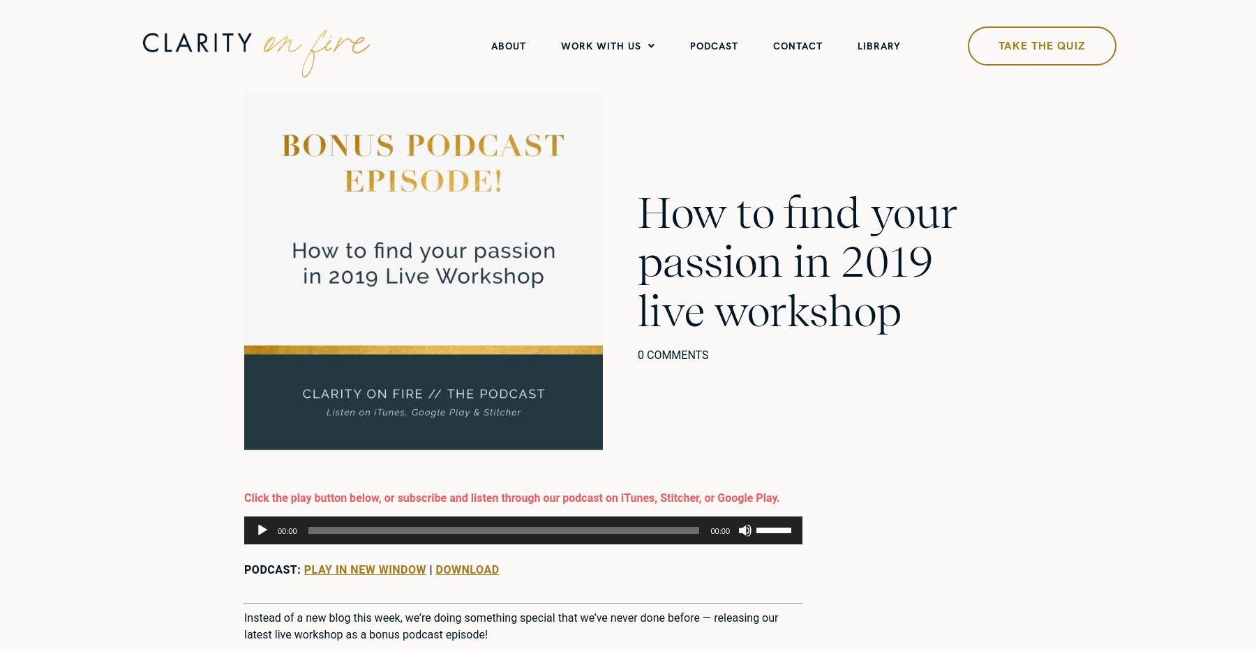 This screenshot has height=651, width=1256. What do you see at coordinates (274, 569) in the screenshot?
I see `'Podcast:'` at bounding box center [274, 569].